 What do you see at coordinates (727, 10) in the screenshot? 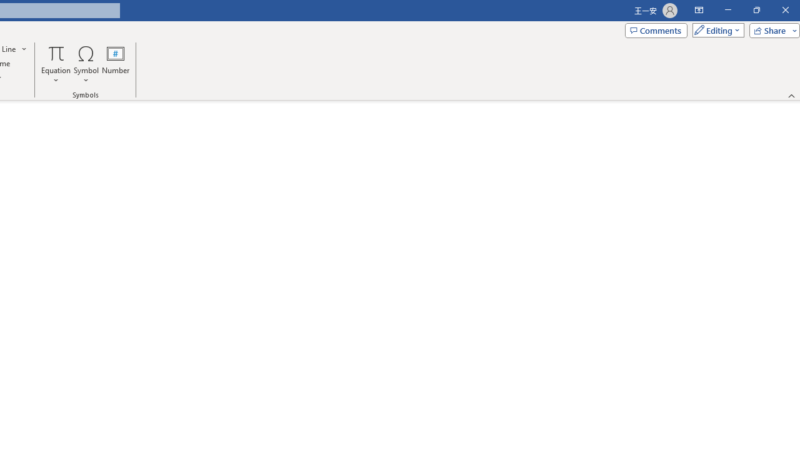
I see `'Minimize'` at bounding box center [727, 10].